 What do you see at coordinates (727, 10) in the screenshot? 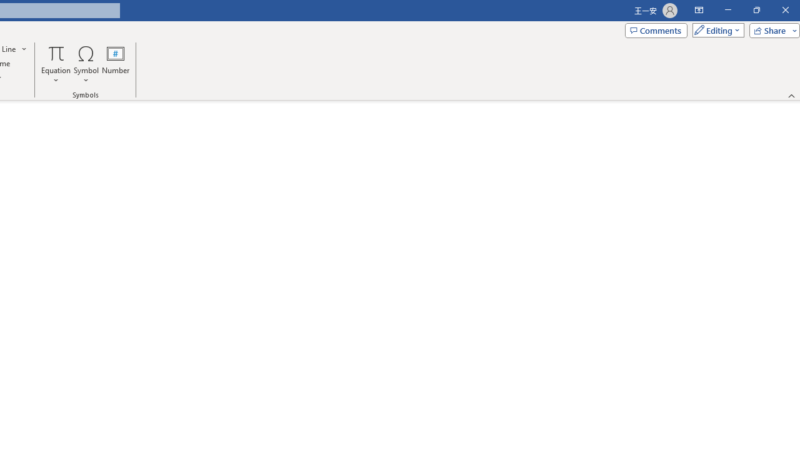
I see `'Minimize'` at bounding box center [727, 10].